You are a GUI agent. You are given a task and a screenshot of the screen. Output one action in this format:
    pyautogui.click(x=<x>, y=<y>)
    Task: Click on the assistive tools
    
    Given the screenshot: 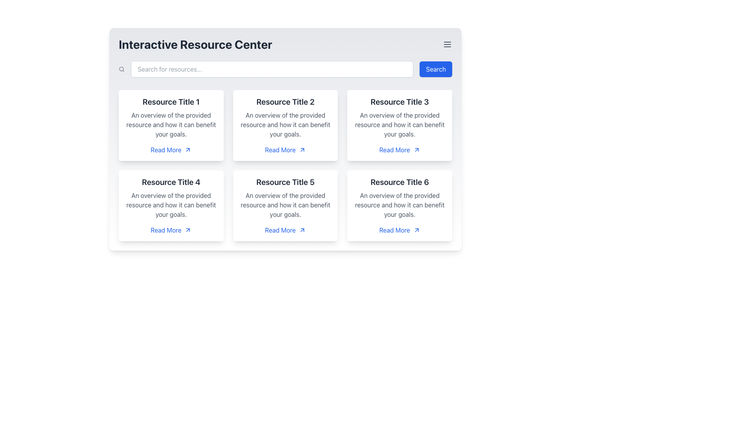 What is the action you would take?
    pyautogui.click(x=171, y=204)
    